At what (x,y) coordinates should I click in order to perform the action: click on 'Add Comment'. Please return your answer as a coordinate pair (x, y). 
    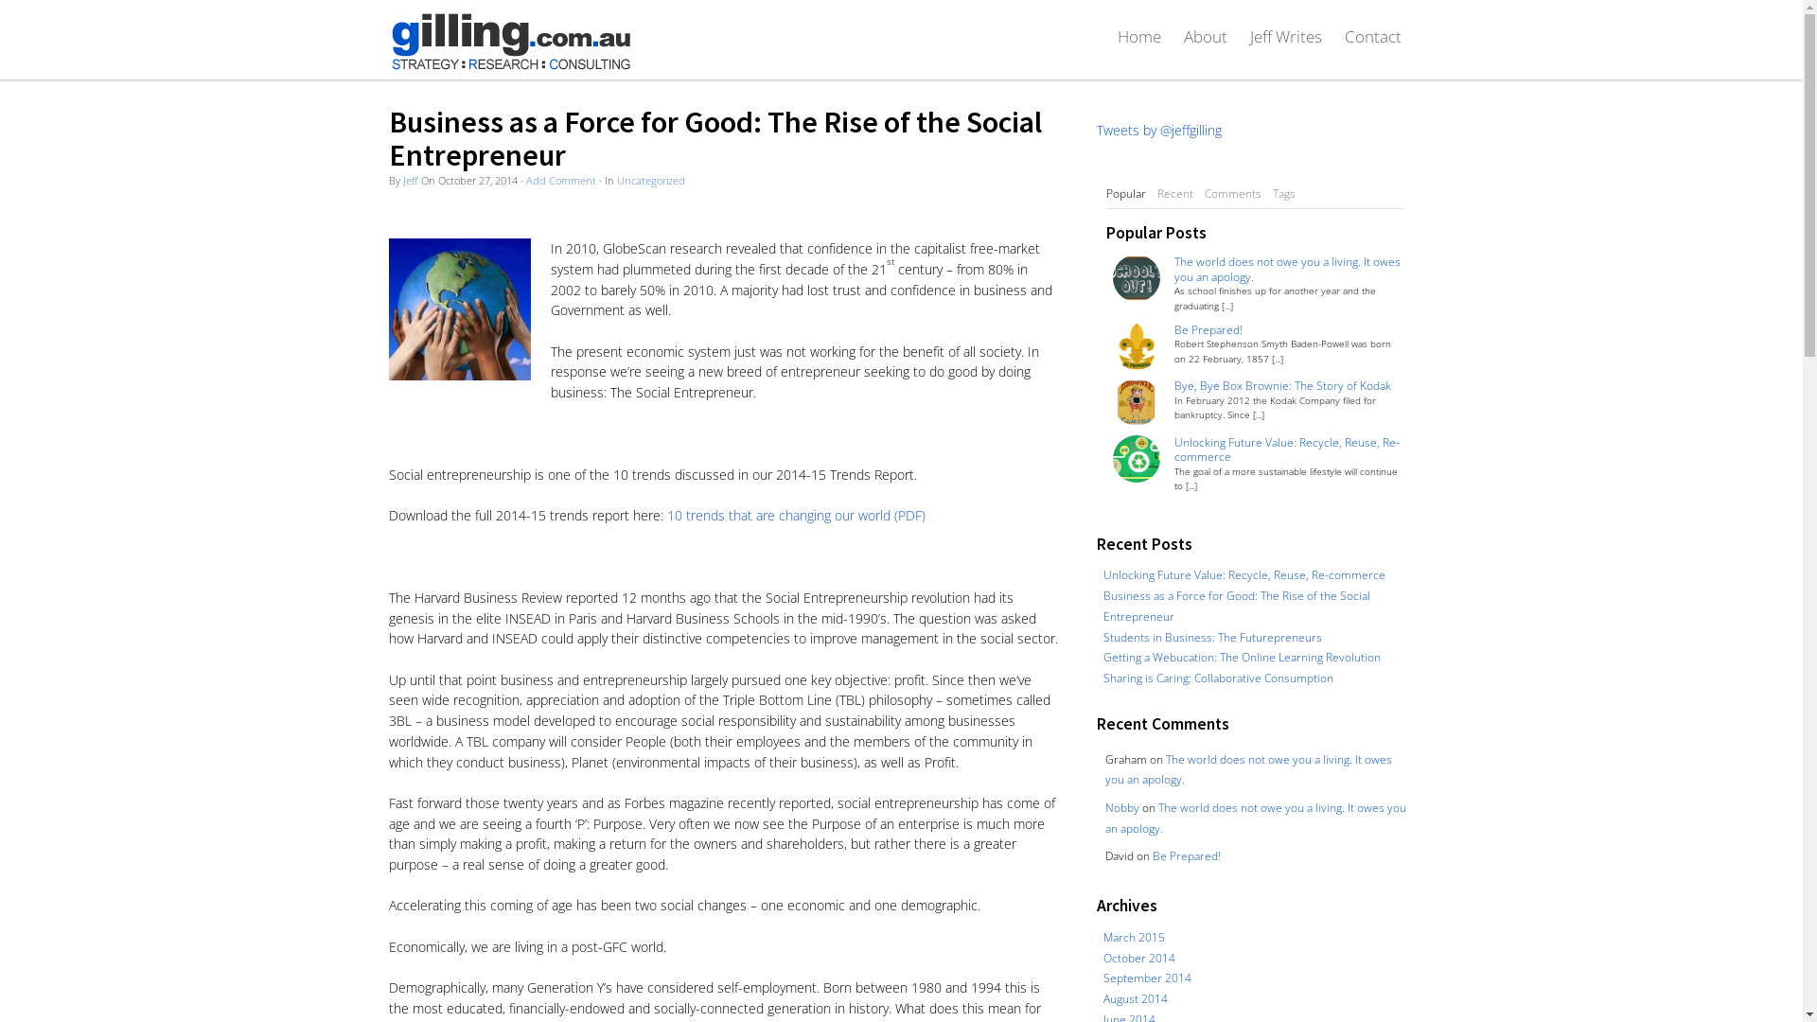
    Looking at the image, I should click on (560, 180).